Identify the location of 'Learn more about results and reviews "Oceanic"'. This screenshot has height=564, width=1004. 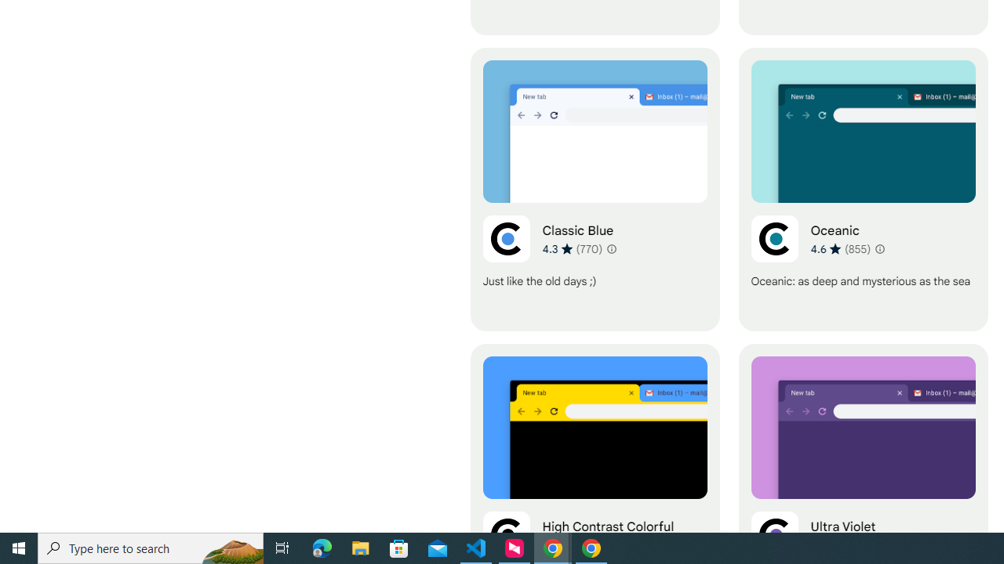
(878, 248).